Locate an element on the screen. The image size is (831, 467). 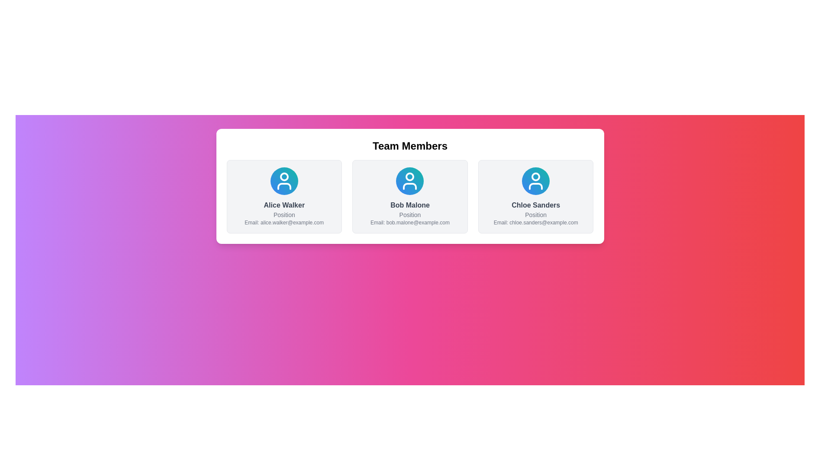
the non-interactive text element indicating the role or position associated with 'Chloe Sanders', located in the rightmost card of the 'Team Members' section, below the name and above the email information is located at coordinates (535, 214).